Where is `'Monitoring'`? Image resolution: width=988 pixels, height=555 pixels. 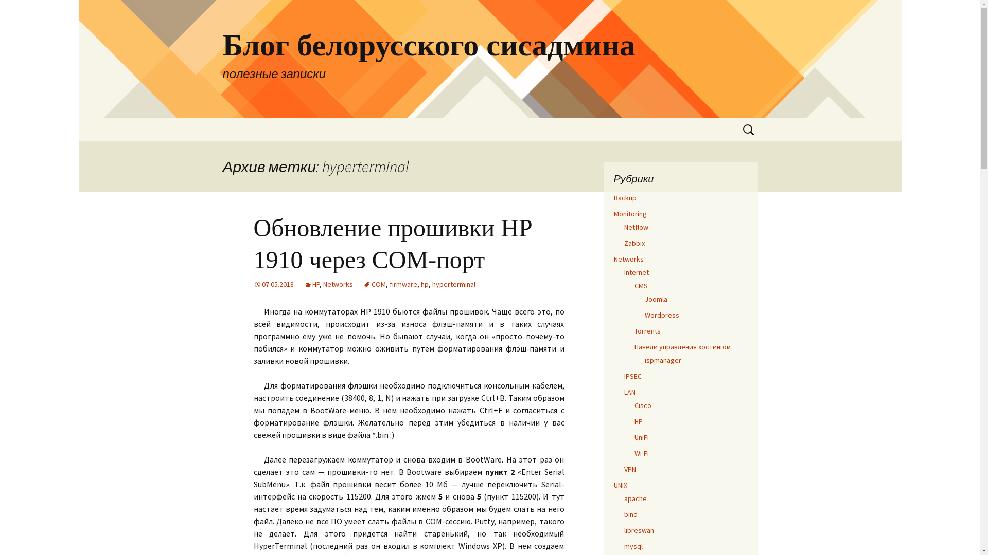 'Monitoring' is located at coordinates (629, 213).